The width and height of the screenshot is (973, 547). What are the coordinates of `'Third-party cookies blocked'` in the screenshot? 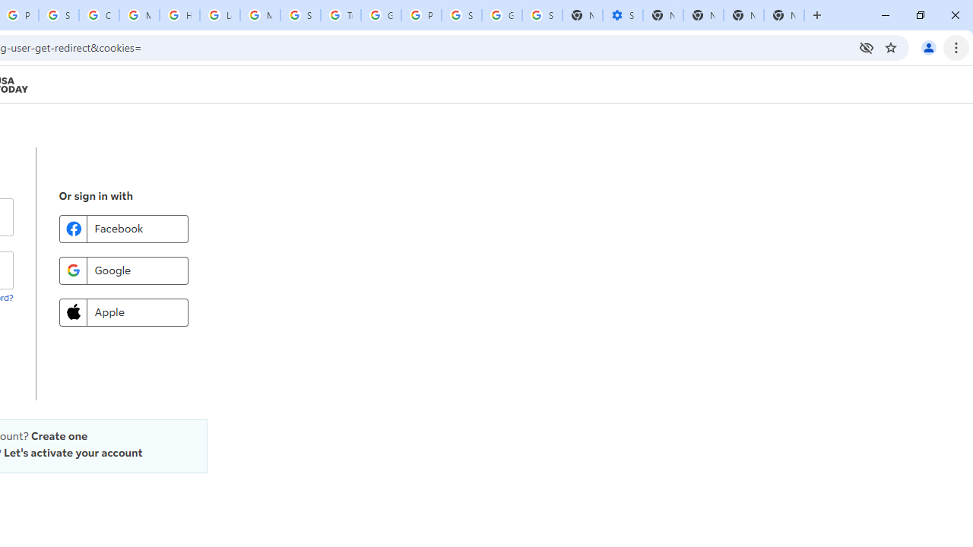 It's located at (866, 46).